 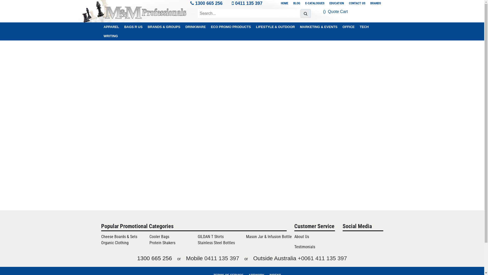 What do you see at coordinates (114, 242) in the screenshot?
I see `'Organic Clothing'` at bounding box center [114, 242].